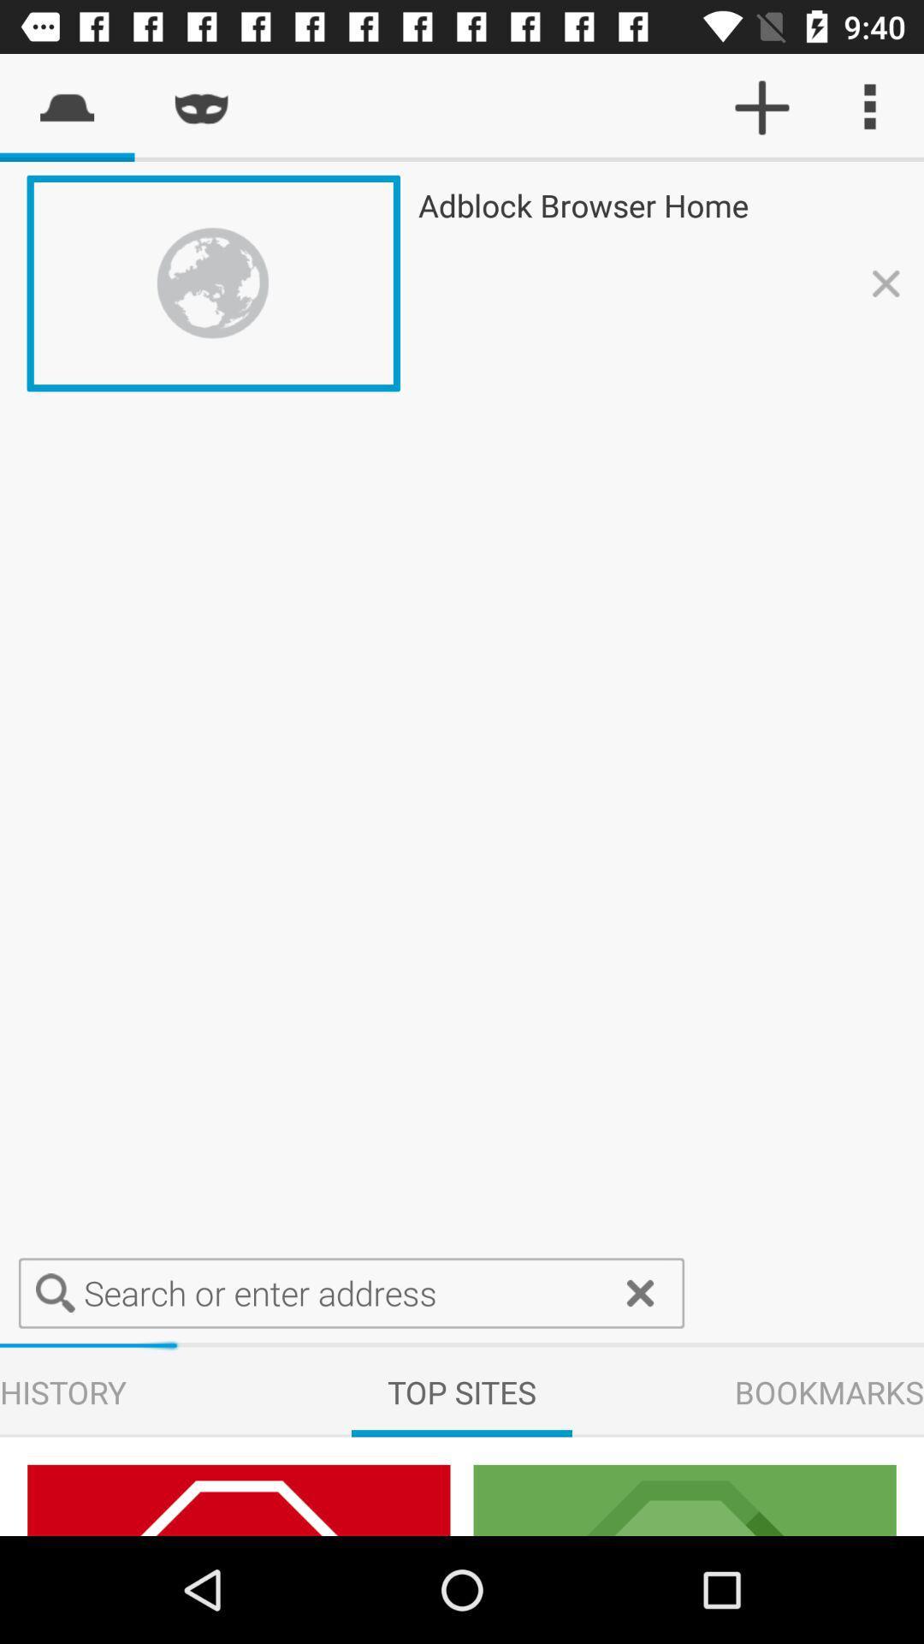 Image resolution: width=924 pixels, height=1644 pixels. I want to click on the second symbol on the top from the left, so click(201, 106).